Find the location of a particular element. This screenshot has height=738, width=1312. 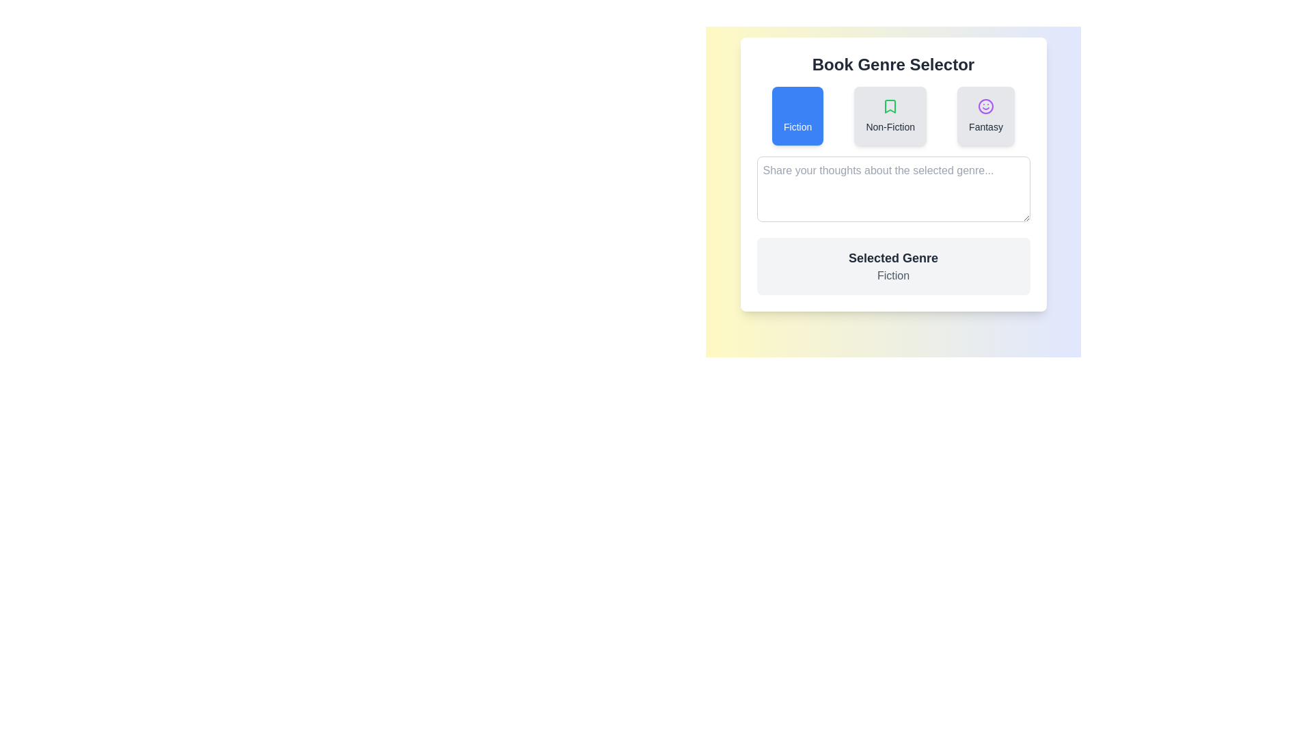

text label identifying the genre as 'Non-Fiction' located beneath the green bookmark icon in the central card of the 'Book Genre Selector' is located at coordinates (890, 126).